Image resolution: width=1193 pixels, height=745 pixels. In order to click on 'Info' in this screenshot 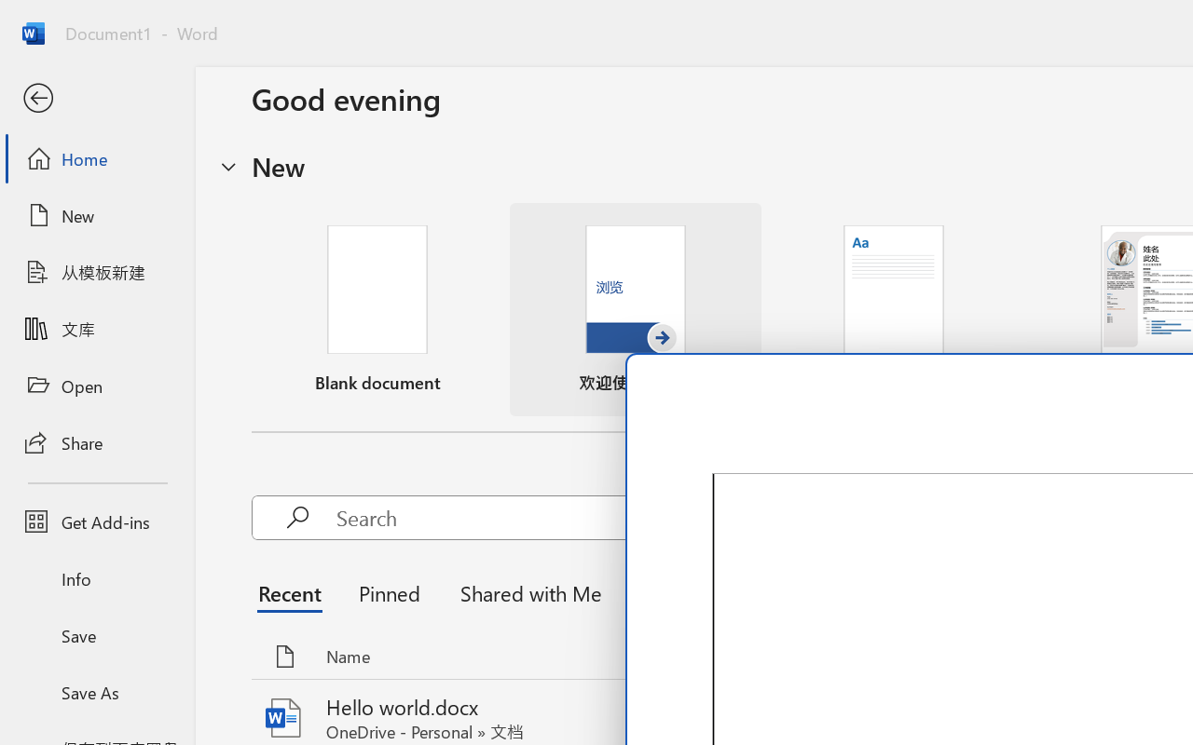, I will do `click(96, 578)`.